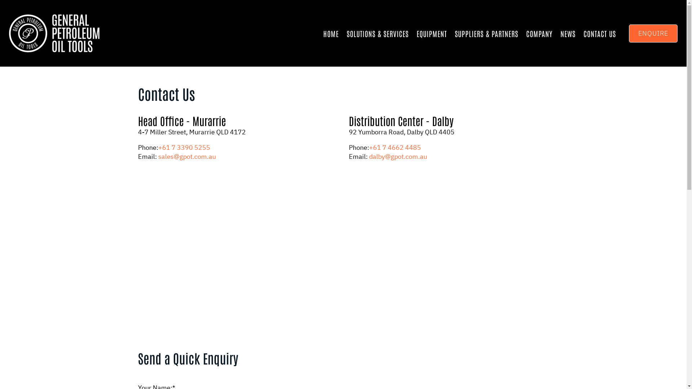  Describe the element at coordinates (600, 33) in the screenshot. I see `'CONTACT US'` at that location.